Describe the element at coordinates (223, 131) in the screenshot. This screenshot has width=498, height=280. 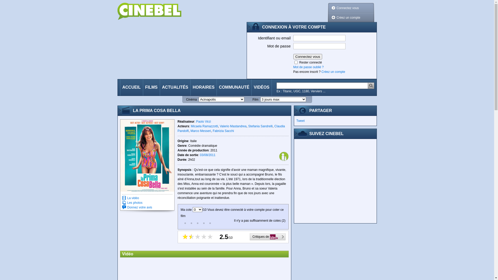
I see `'Fabrizia Sacchi'` at that location.